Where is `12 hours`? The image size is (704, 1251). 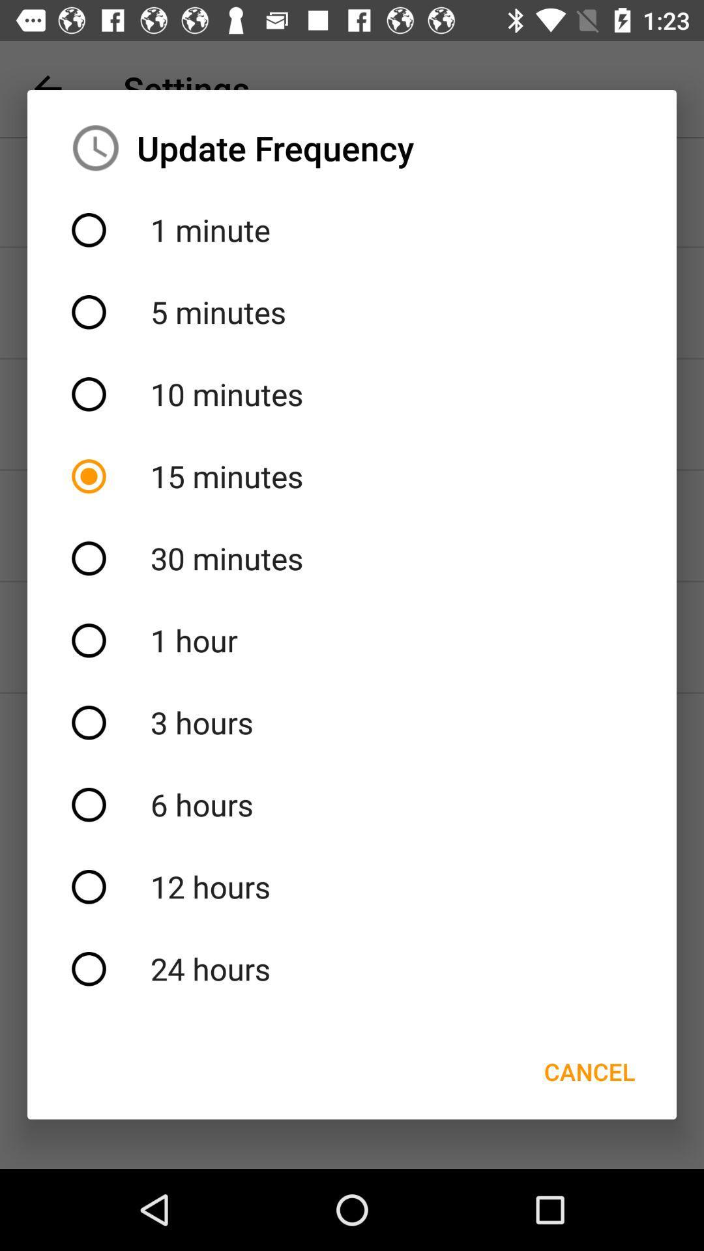 12 hours is located at coordinates (352, 886).